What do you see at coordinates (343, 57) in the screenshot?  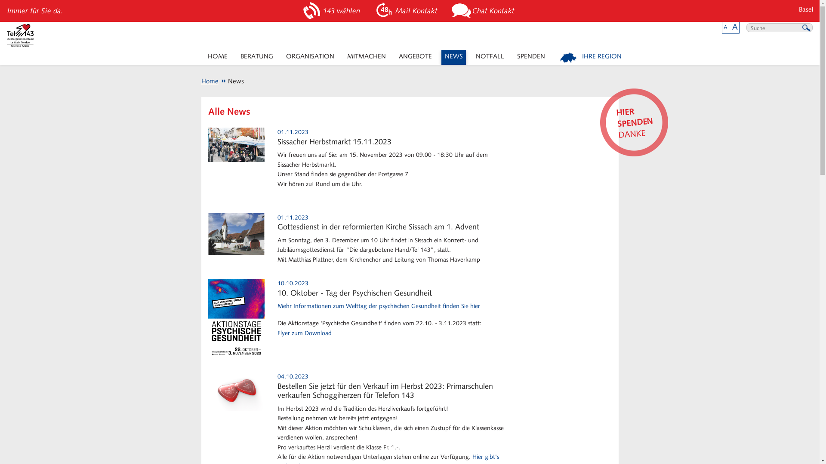 I see `'MITMACHEN'` at bounding box center [343, 57].